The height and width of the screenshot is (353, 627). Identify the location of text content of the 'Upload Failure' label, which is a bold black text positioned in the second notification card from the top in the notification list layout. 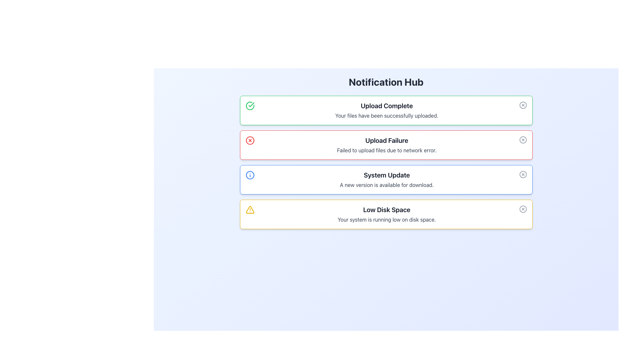
(387, 140).